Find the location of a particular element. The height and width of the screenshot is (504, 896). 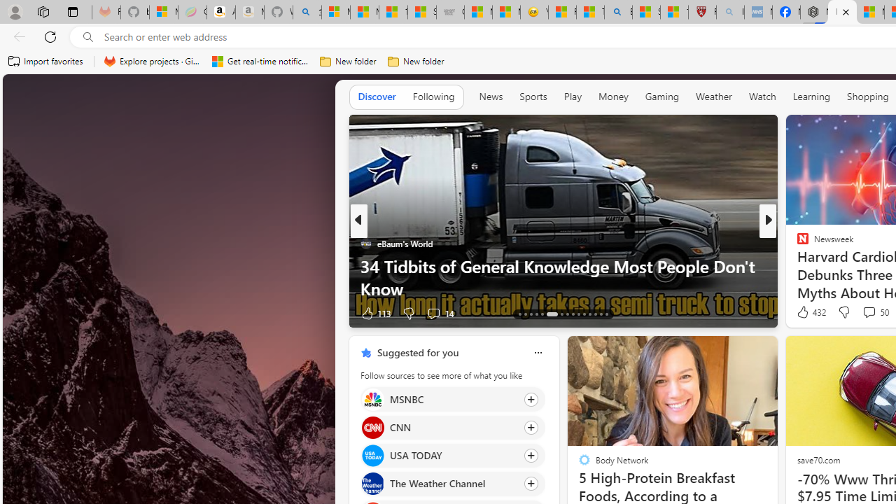

'Robert H. Shmerling, MD - Harvard Health' is located at coordinates (702, 12).